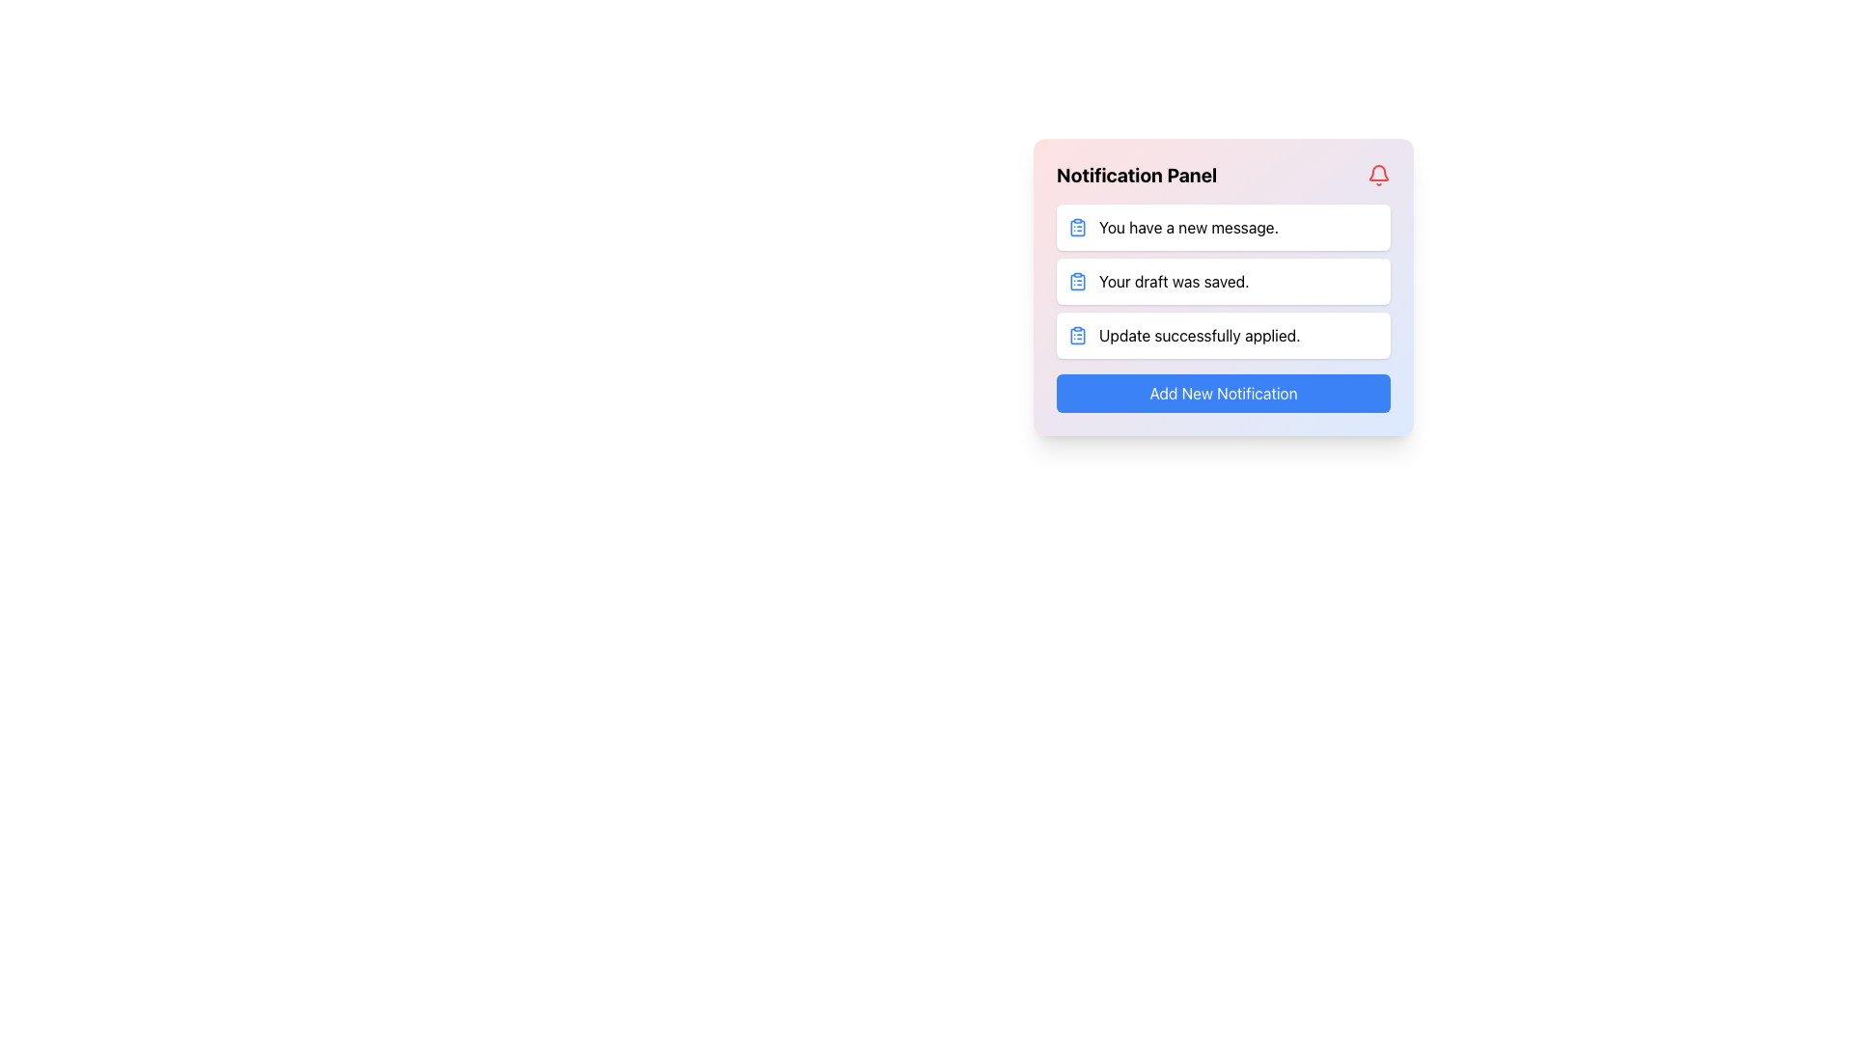 This screenshot has height=1042, width=1853. Describe the element at coordinates (1378, 175) in the screenshot. I see `the notification icon located in the top-right corner of the Notification Panel, which serves as a visual indicator for new or unread notifications` at that location.